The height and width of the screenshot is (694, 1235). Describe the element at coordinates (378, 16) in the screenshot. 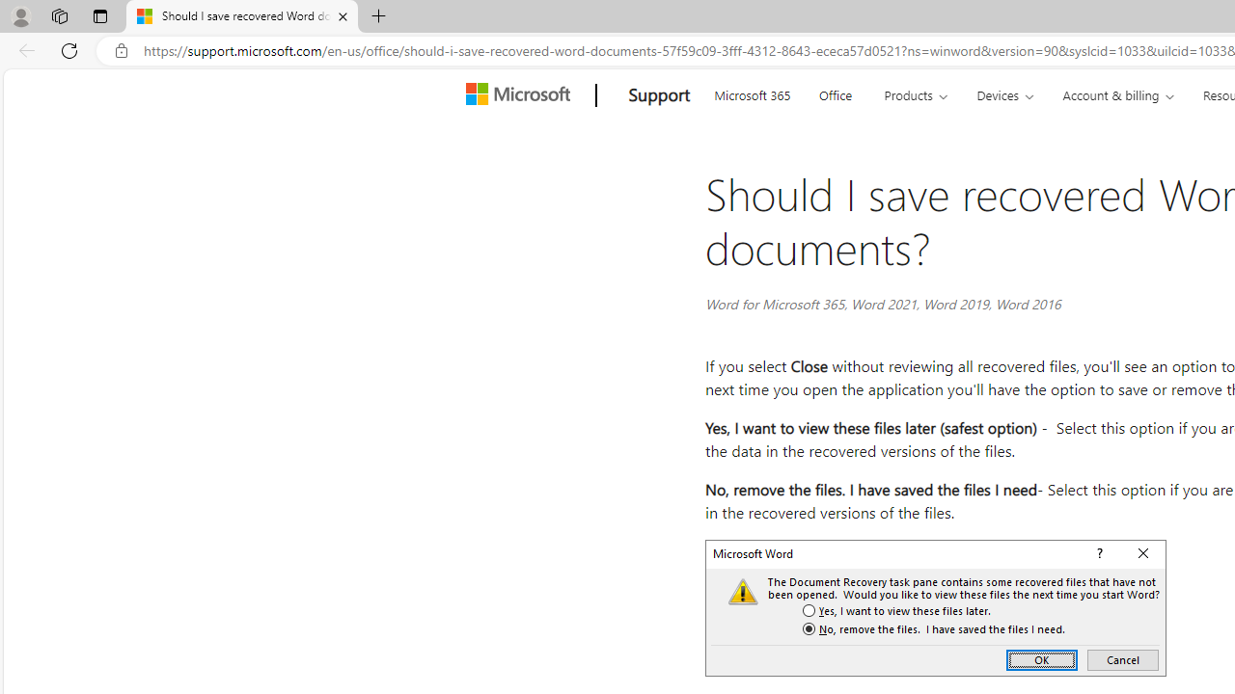

I see `'New Tab'` at that location.